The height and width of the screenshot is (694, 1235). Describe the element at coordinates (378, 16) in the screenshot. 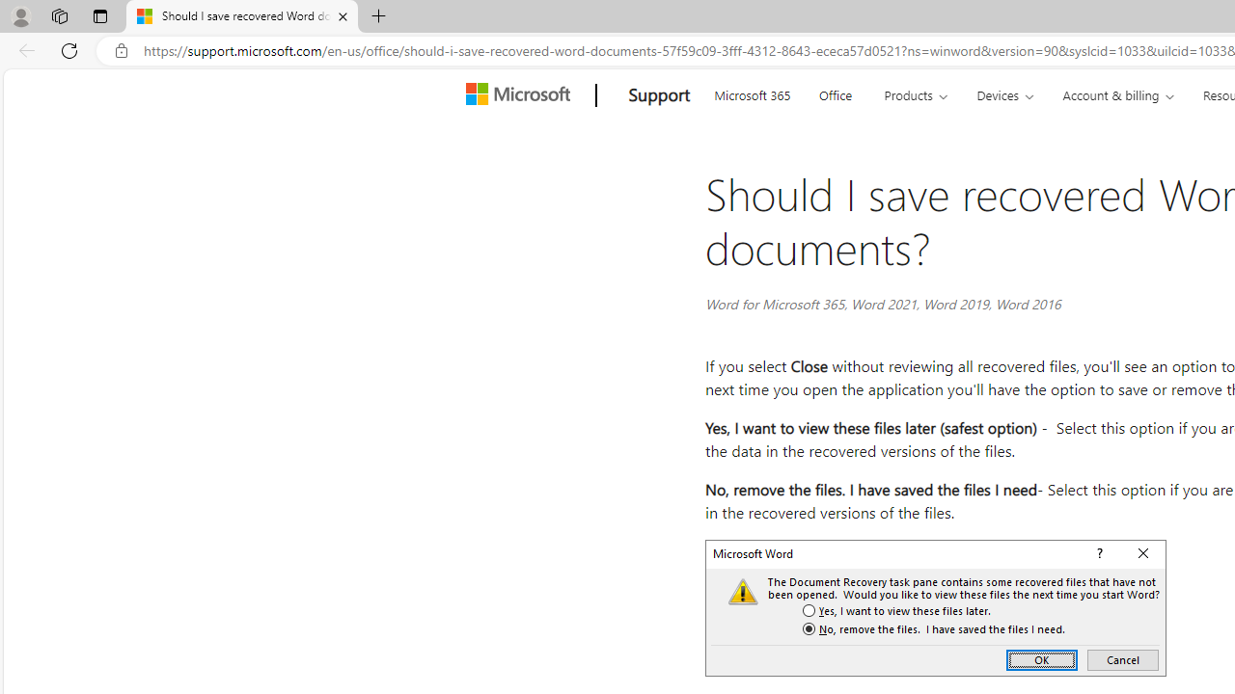

I see `'New Tab'` at that location.